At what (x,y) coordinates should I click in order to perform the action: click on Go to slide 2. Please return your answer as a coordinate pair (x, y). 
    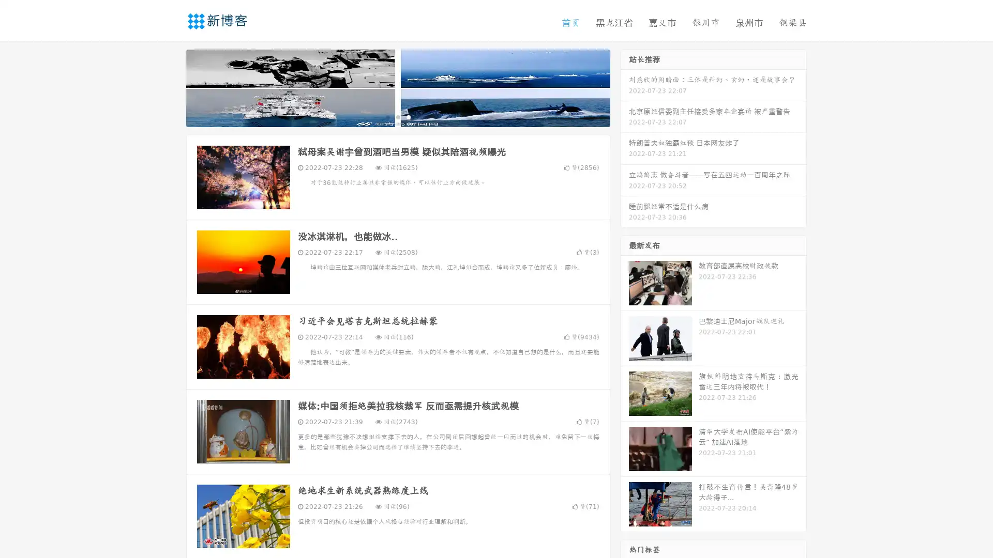
    Looking at the image, I should click on (397, 116).